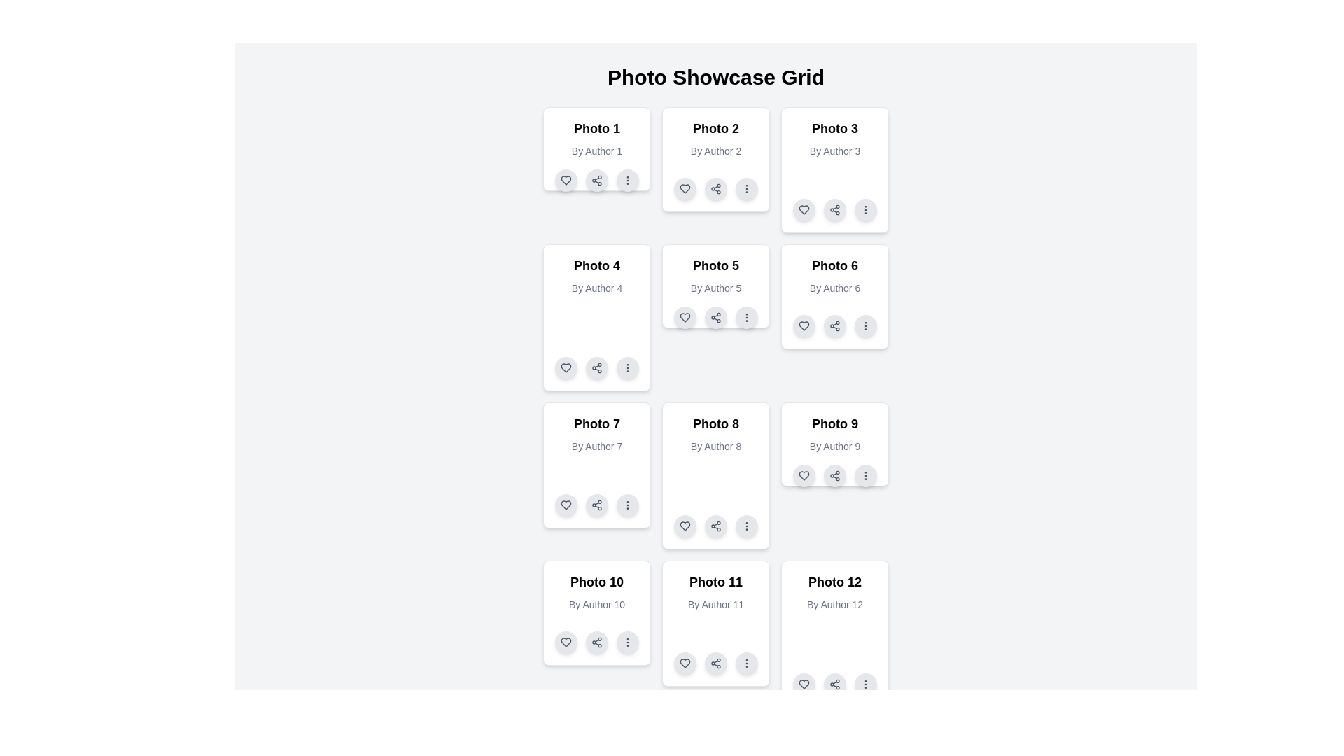 This screenshot has height=756, width=1344. I want to click on the share icon in the horizontal button group located at the bottom section of the card for 'Photo 9' by 'Author 9', so click(835, 475).